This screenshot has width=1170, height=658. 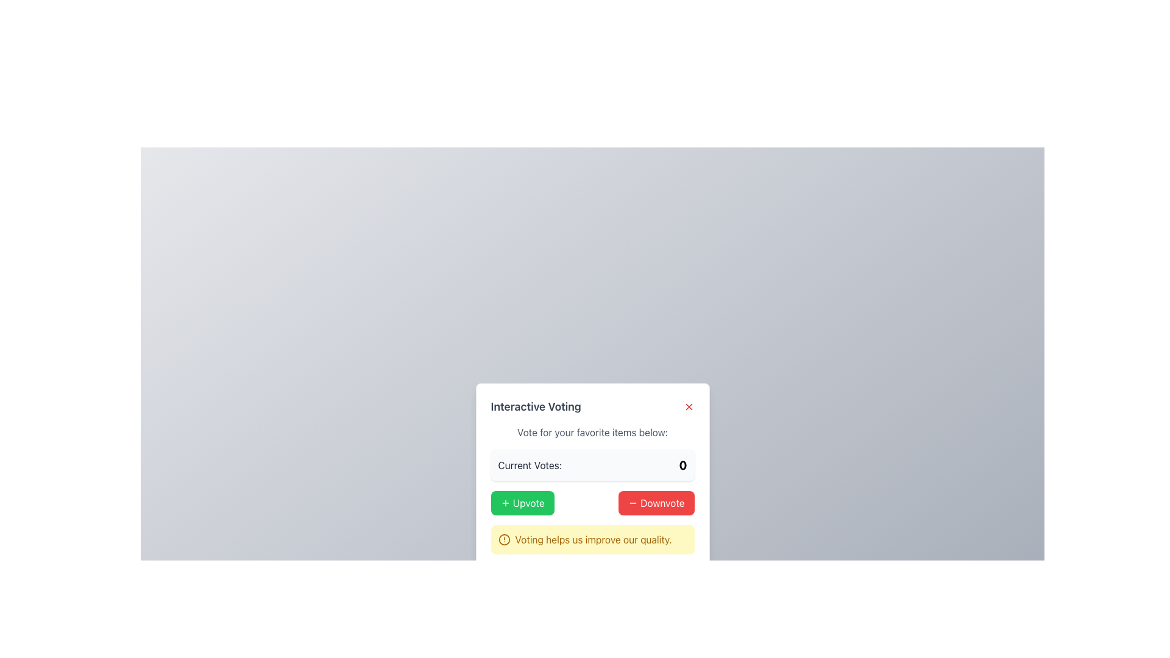 What do you see at coordinates (682, 465) in the screenshot?
I see `the non-interactive text label displaying the current vote count, which shows '0' and is located to the right of the 'Current Votes:' label` at bounding box center [682, 465].